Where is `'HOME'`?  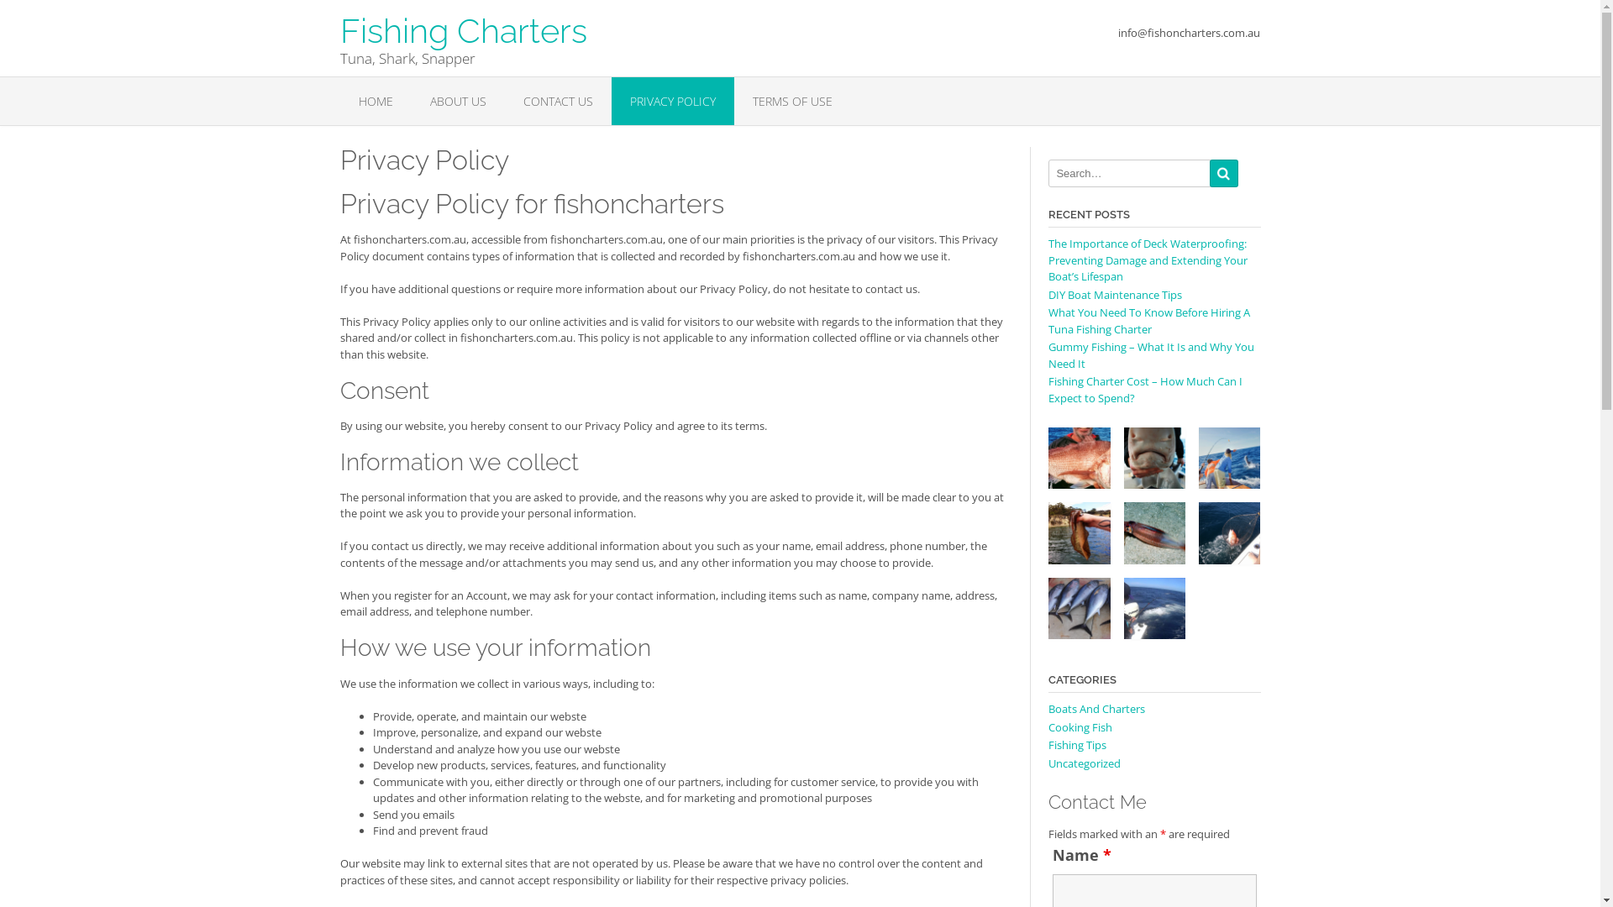
'HOME' is located at coordinates (374, 101).